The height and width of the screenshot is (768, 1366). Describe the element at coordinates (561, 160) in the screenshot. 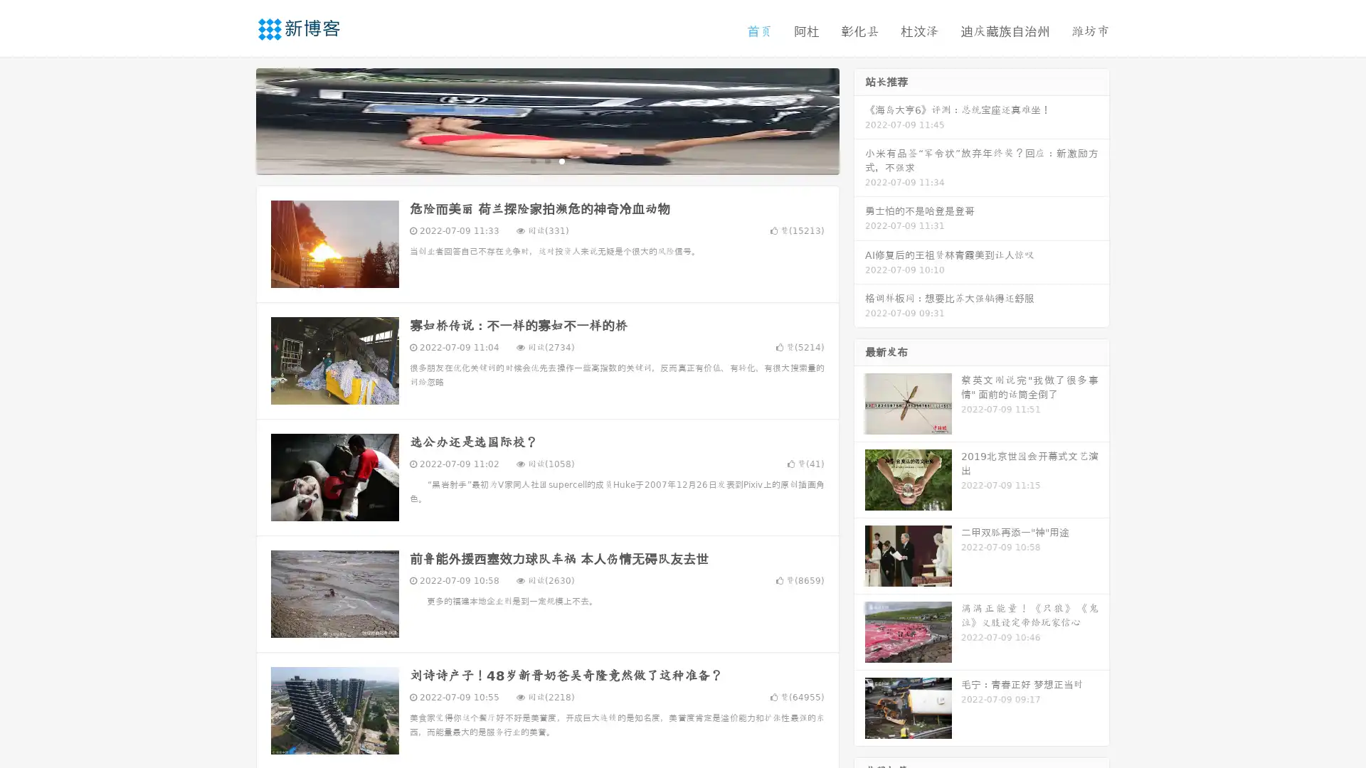

I see `Go to slide 3` at that location.